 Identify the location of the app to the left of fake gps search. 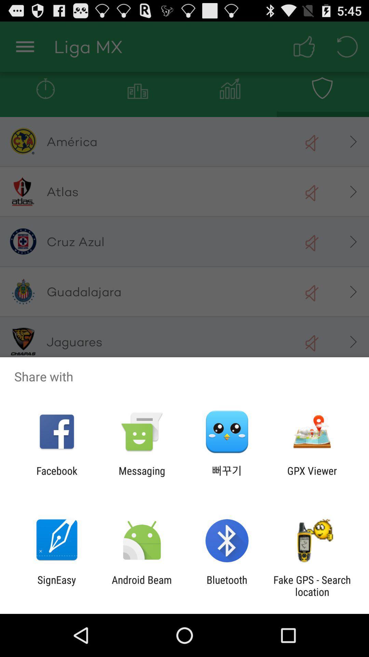
(227, 585).